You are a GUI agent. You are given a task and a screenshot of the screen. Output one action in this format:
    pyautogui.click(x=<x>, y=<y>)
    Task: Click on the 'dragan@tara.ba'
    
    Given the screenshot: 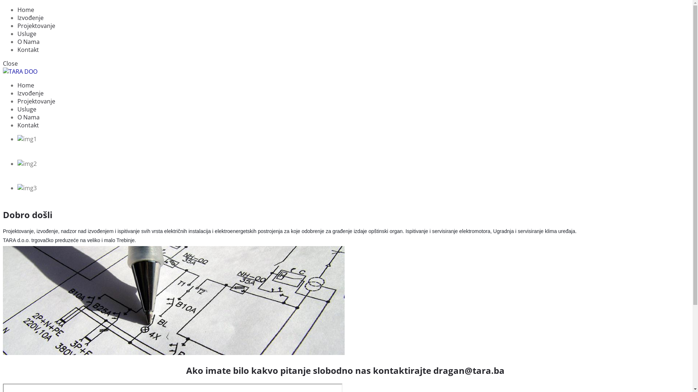 What is the action you would take?
    pyautogui.click(x=433, y=370)
    